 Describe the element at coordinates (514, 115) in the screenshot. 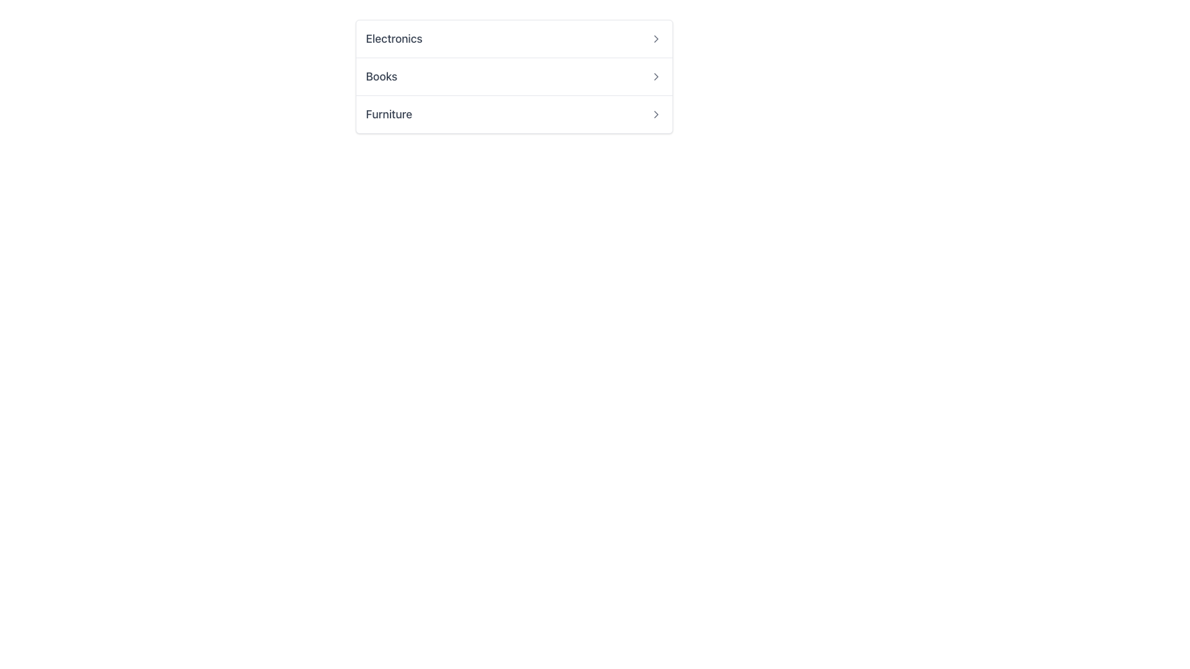

I see `the third item in the vertical navigation menu that is related to 'Furniture', positioned between 'Books' and the next option` at that location.